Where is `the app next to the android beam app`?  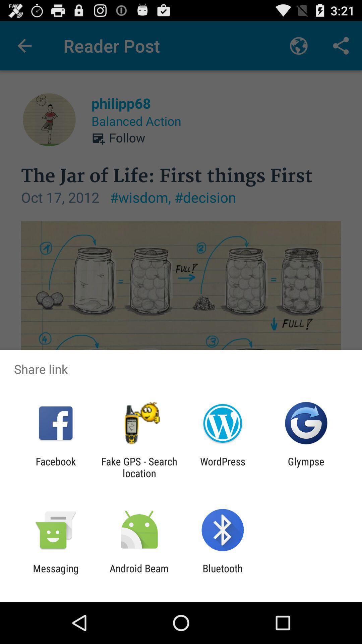 the app next to the android beam app is located at coordinates (55, 574).